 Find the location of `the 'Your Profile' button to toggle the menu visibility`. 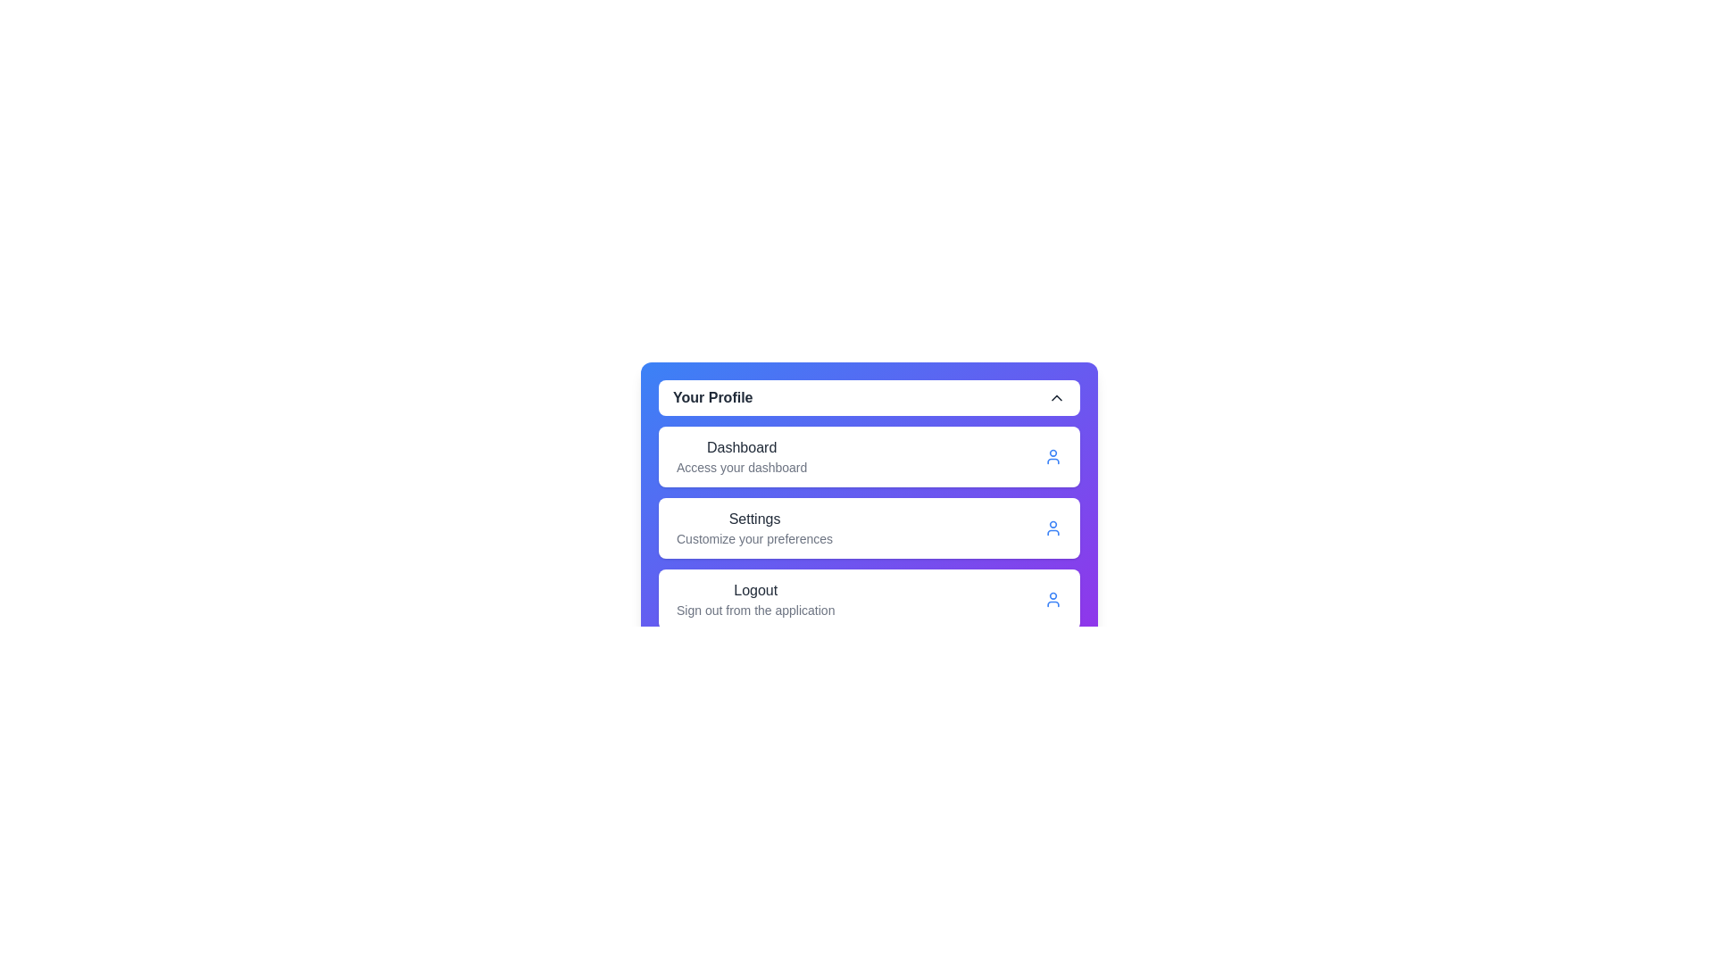

the 'Your Profile' button to toggle the menu visibility is located at coordinates (869, 397).